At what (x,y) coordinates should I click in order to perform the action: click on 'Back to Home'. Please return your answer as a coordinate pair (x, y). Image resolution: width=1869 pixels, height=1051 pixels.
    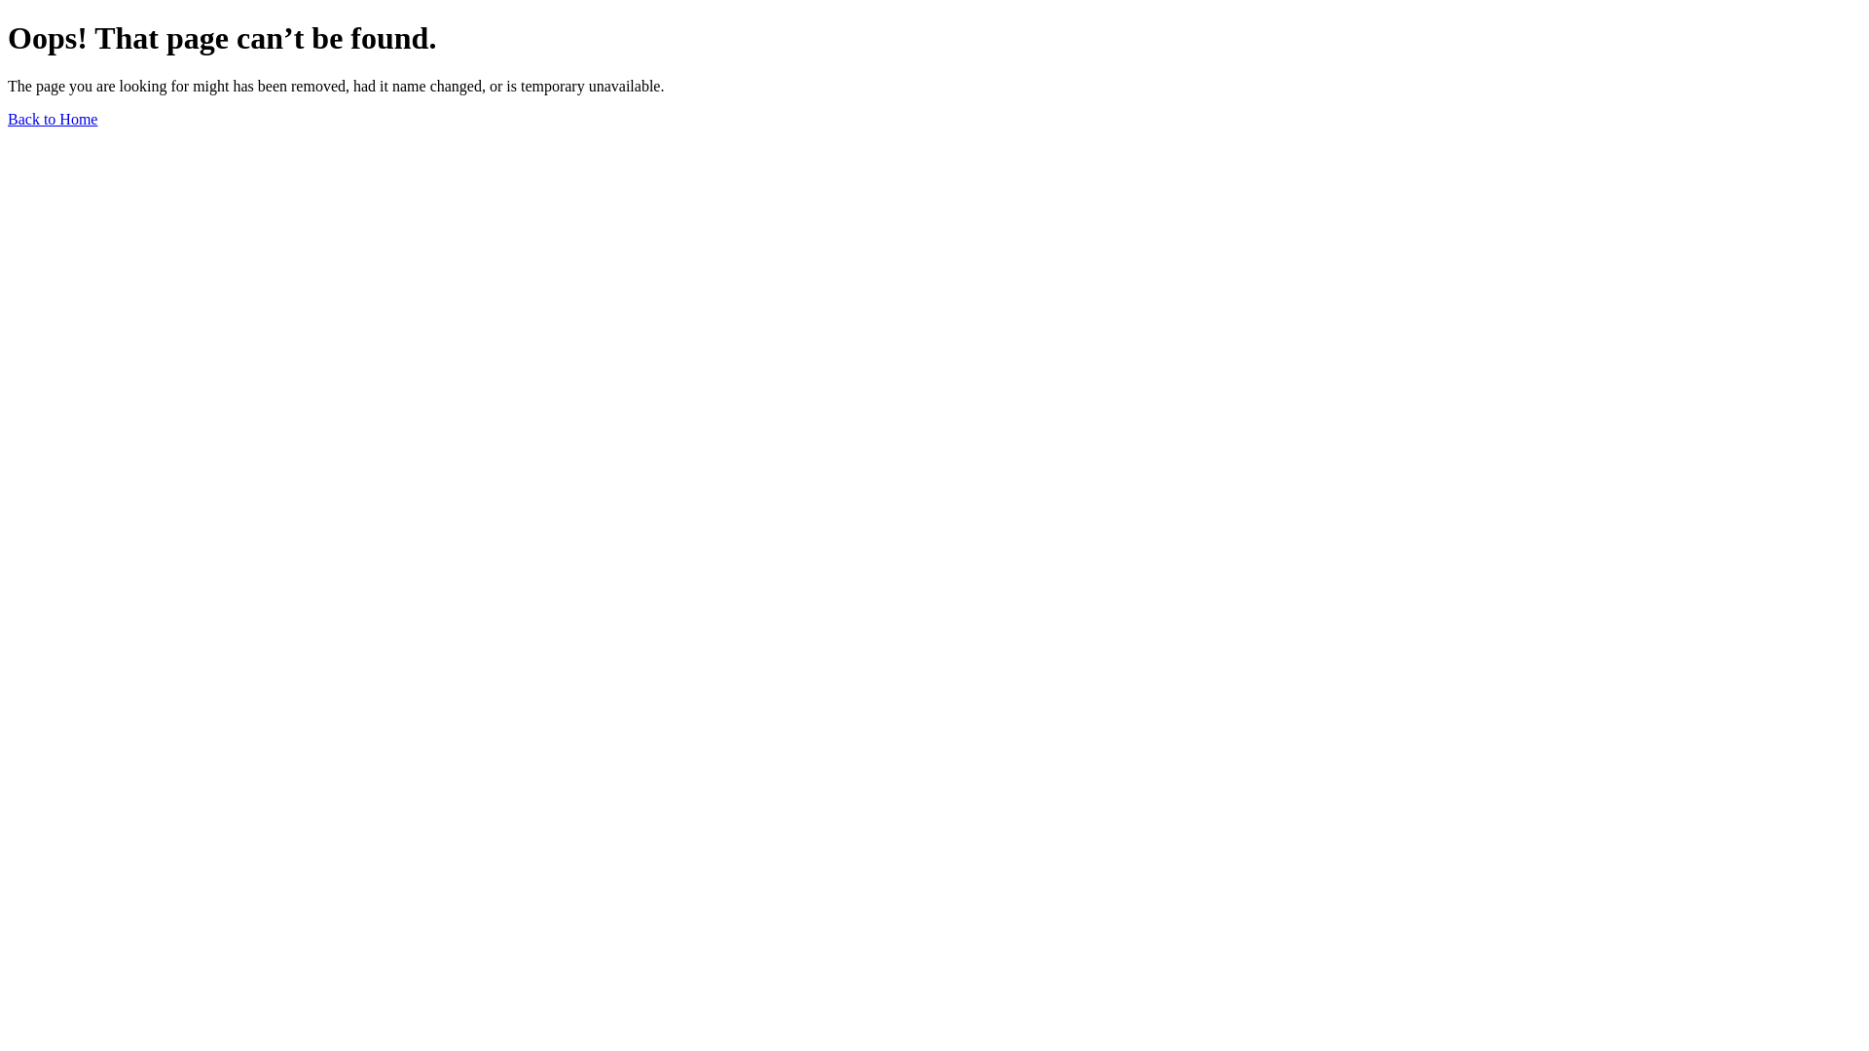
    Looking at the image, I should click on (52, 119).